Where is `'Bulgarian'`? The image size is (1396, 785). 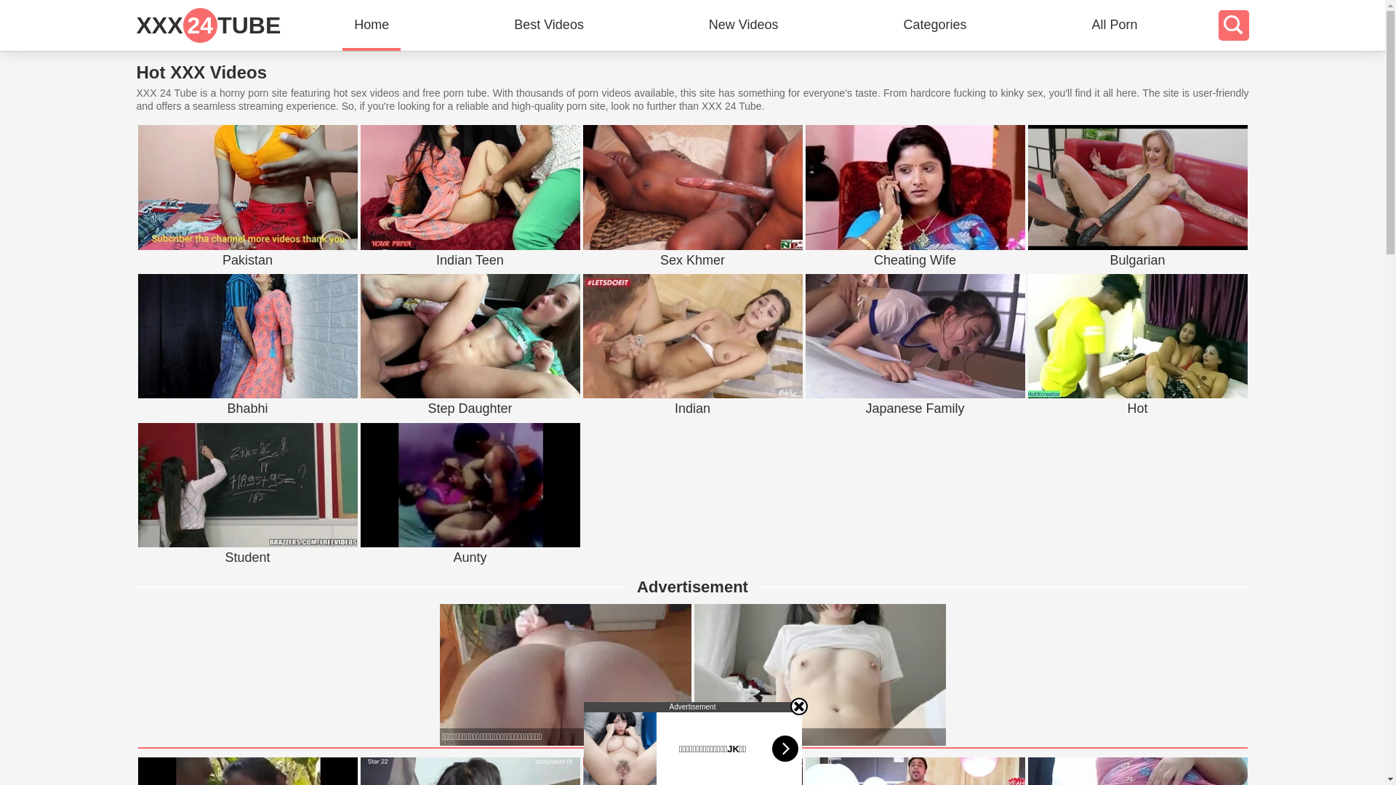 'Bulgarian' is located at coordinates (1136, 186).